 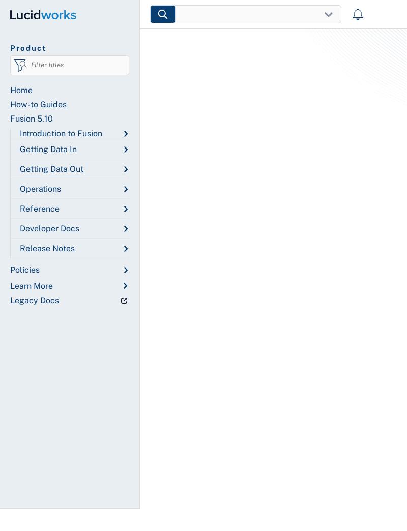 What do you see at coordinates (40, 208) in the screenshot?
I see `'Reference'` at bounding box center [40, 208].